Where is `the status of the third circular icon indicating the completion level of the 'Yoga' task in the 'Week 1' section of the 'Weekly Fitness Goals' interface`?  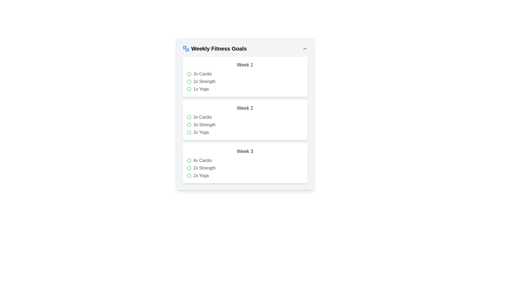
the status of the third circular icon indicating the completion level of the 'Yoga' task in the 'Week 1' section of the 'Weekly Fitness Goals' interface is located at coordinates (189, 89).